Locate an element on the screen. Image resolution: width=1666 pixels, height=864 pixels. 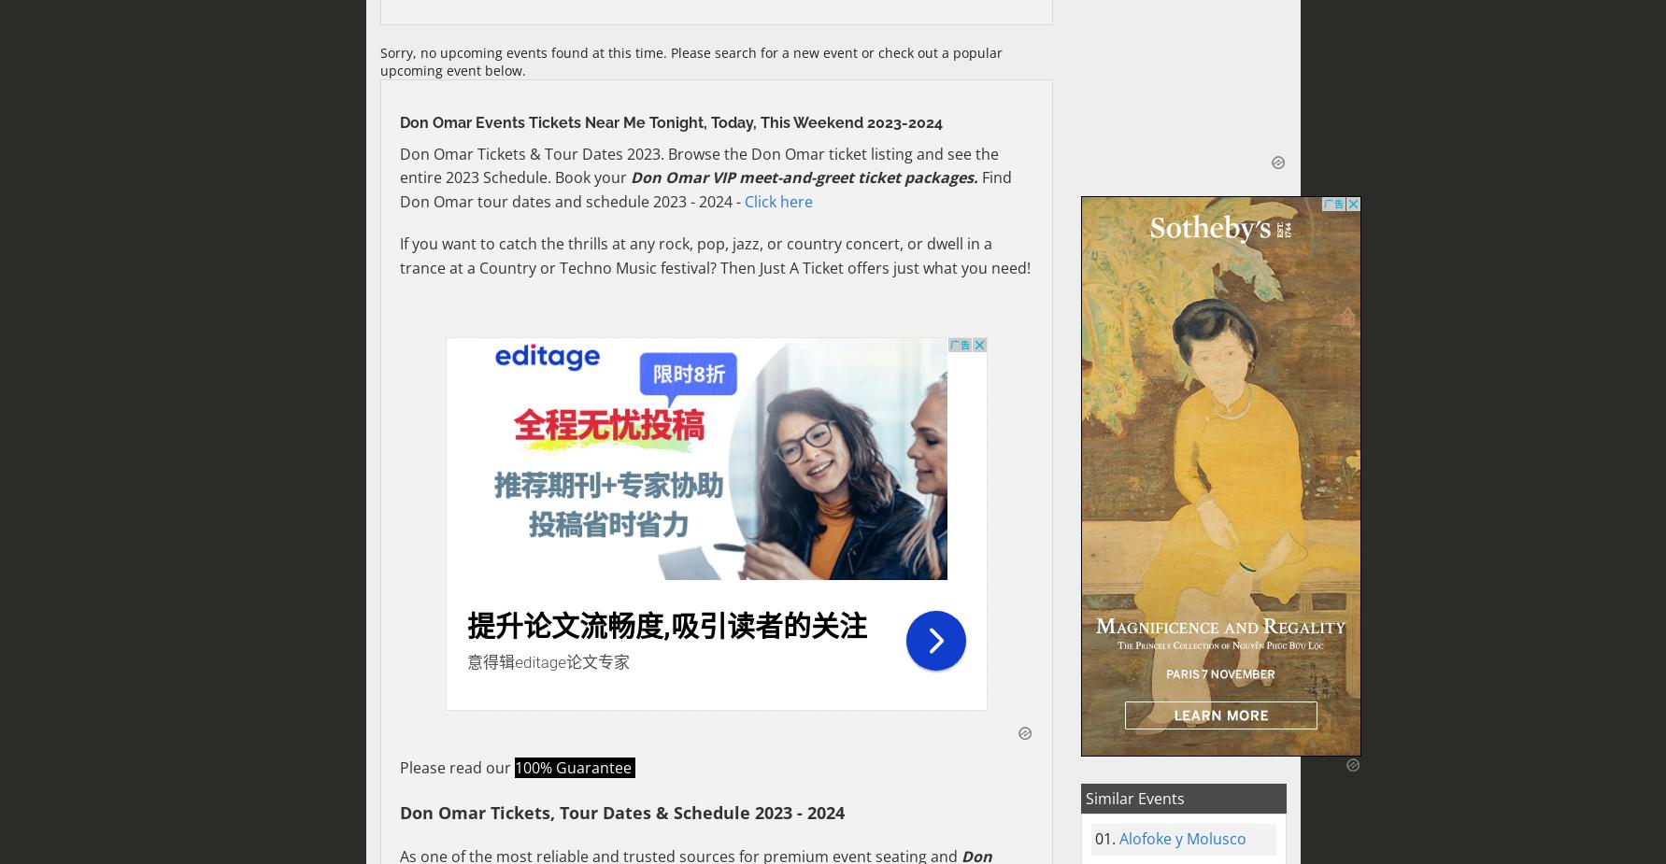
'Schedule' is located at coordinates (709, 812).